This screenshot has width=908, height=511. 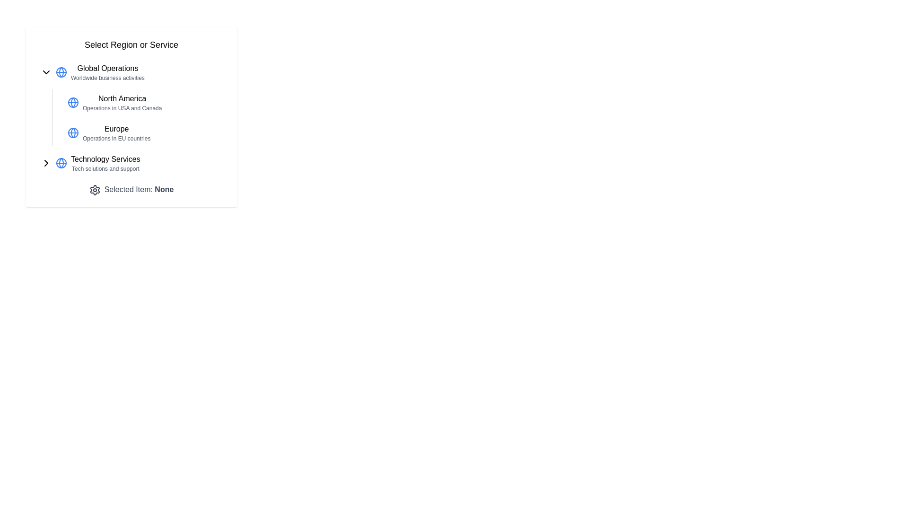 I want to click on the globe icon's latitude or longitude lines, which is part of the vector graphic representing 'Global Operations', so click(x=61, y=162).